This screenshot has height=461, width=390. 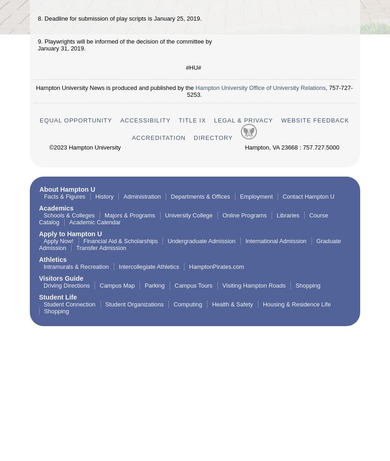 What do you see at coordinates (94, 222) in the screenshot?
I see `'Academic Calendar'` at bounding box center [94, 222].